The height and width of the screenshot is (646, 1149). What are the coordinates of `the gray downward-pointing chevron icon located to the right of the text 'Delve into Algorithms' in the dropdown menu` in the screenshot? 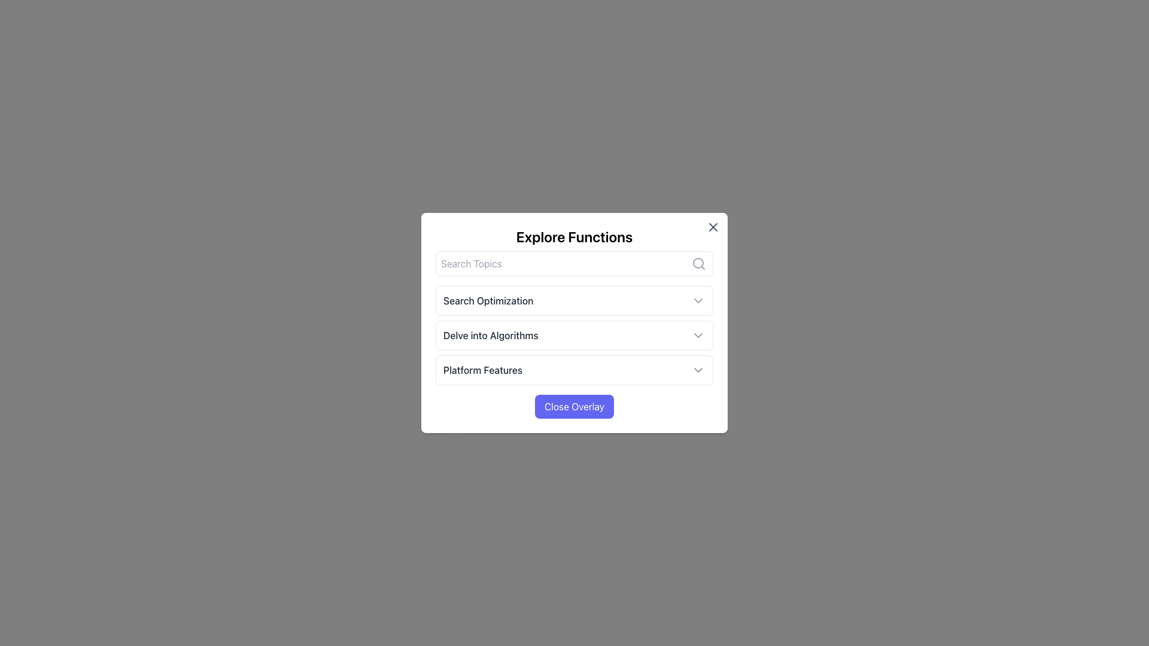 It's located at (698, 335).